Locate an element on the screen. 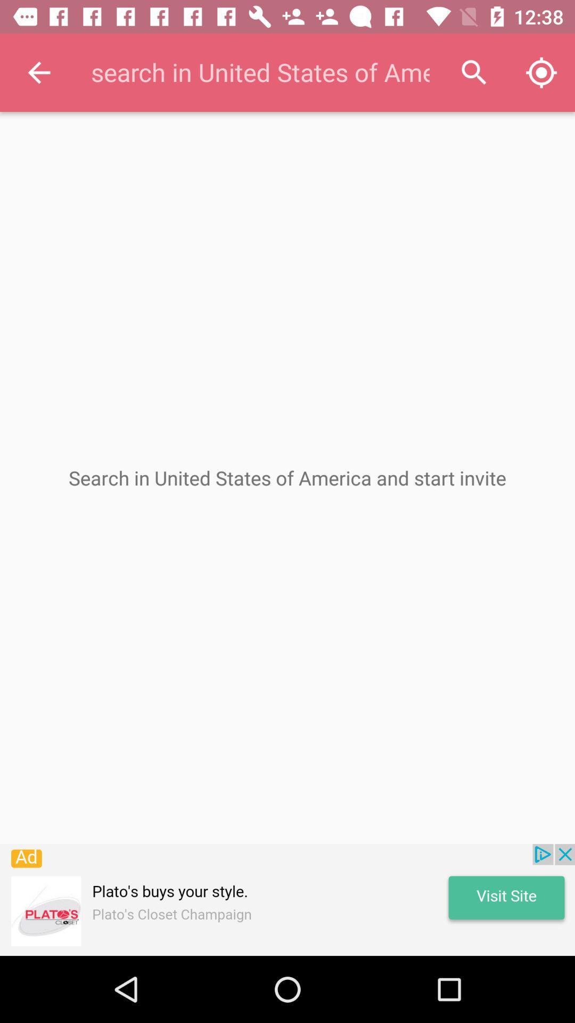 The width and height of the screenshot is (575, 1023). the advertisement is located at coordinates (287, 899).